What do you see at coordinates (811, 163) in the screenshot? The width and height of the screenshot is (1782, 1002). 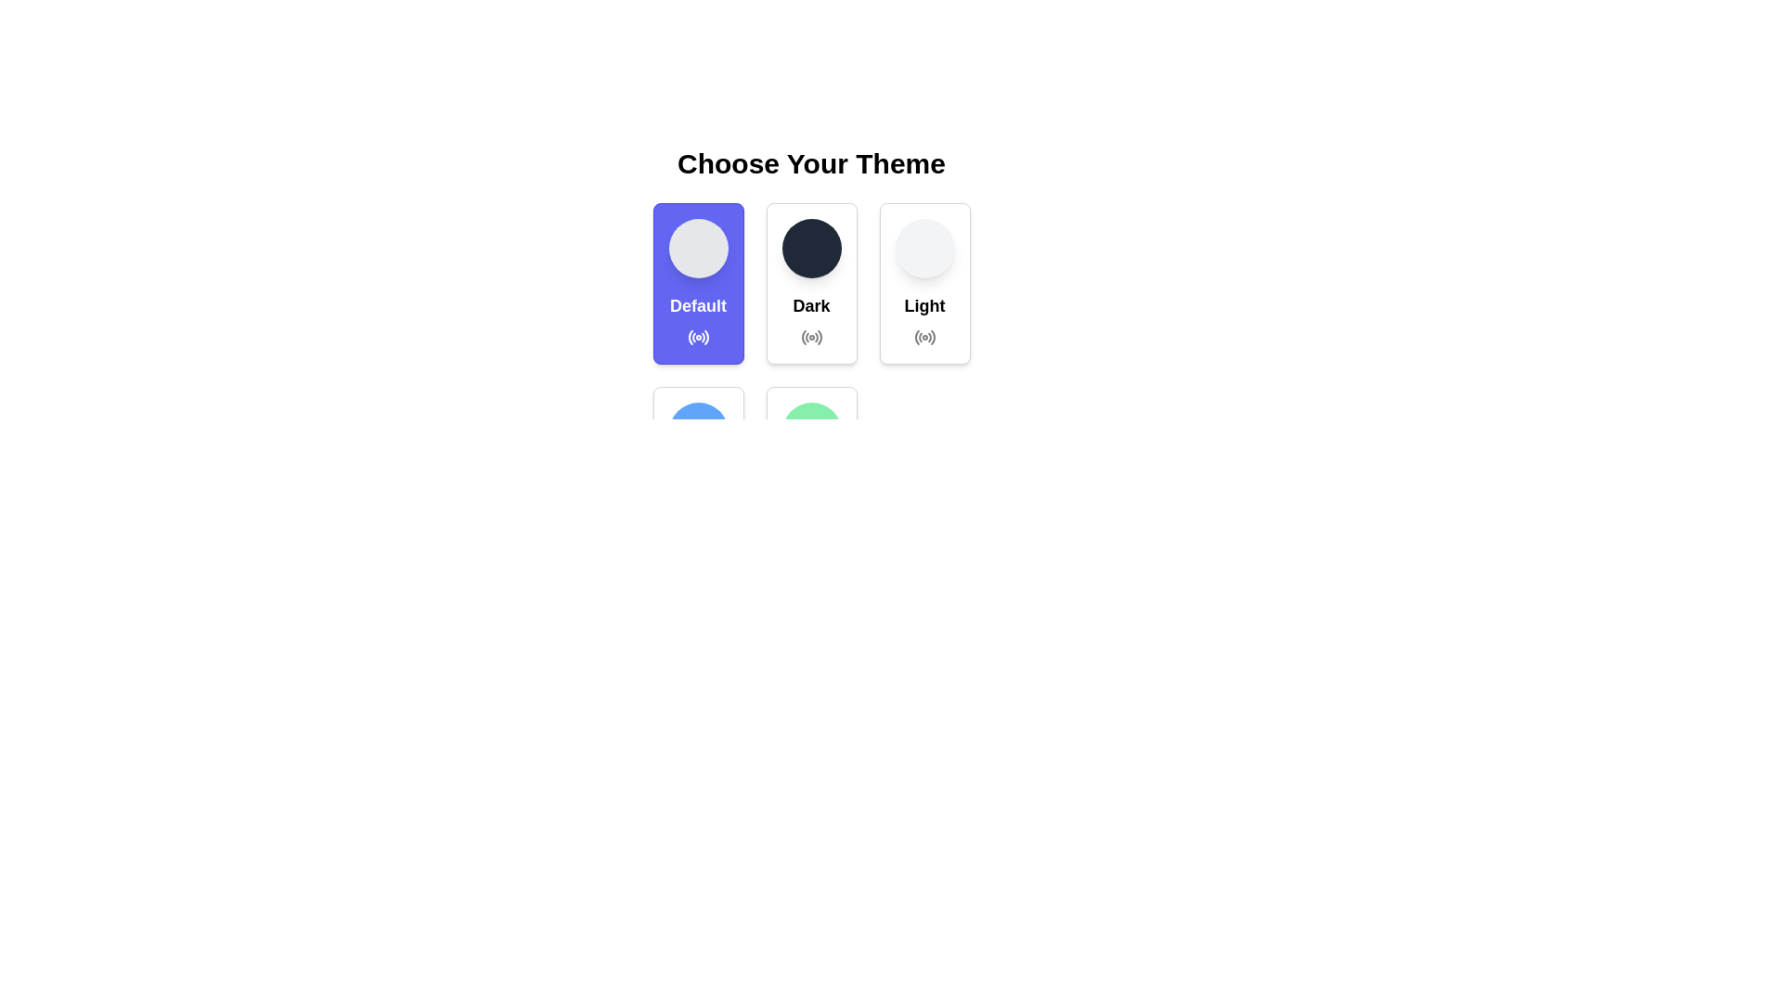 I see `the text label that says 'Choose Your Theme', which is centrally positioned at the top of the theme selection interface` at bounding box center [811, 163].